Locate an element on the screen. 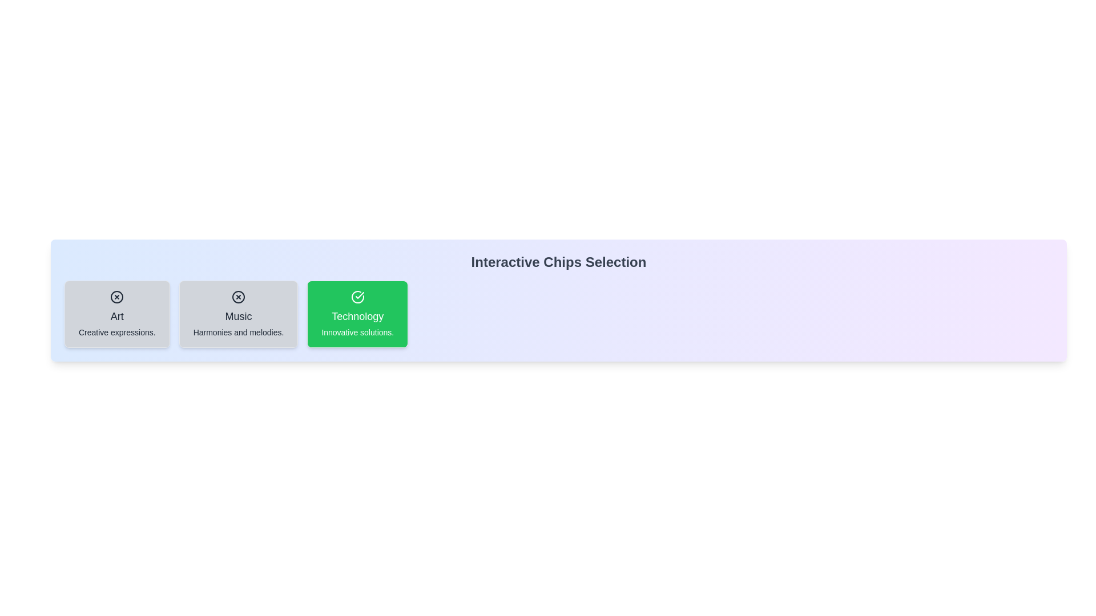 The width and height of the screenshot is (1096, 616). the chip labeled 'Technology' by clicking on it is located at coordinates (357, 314).